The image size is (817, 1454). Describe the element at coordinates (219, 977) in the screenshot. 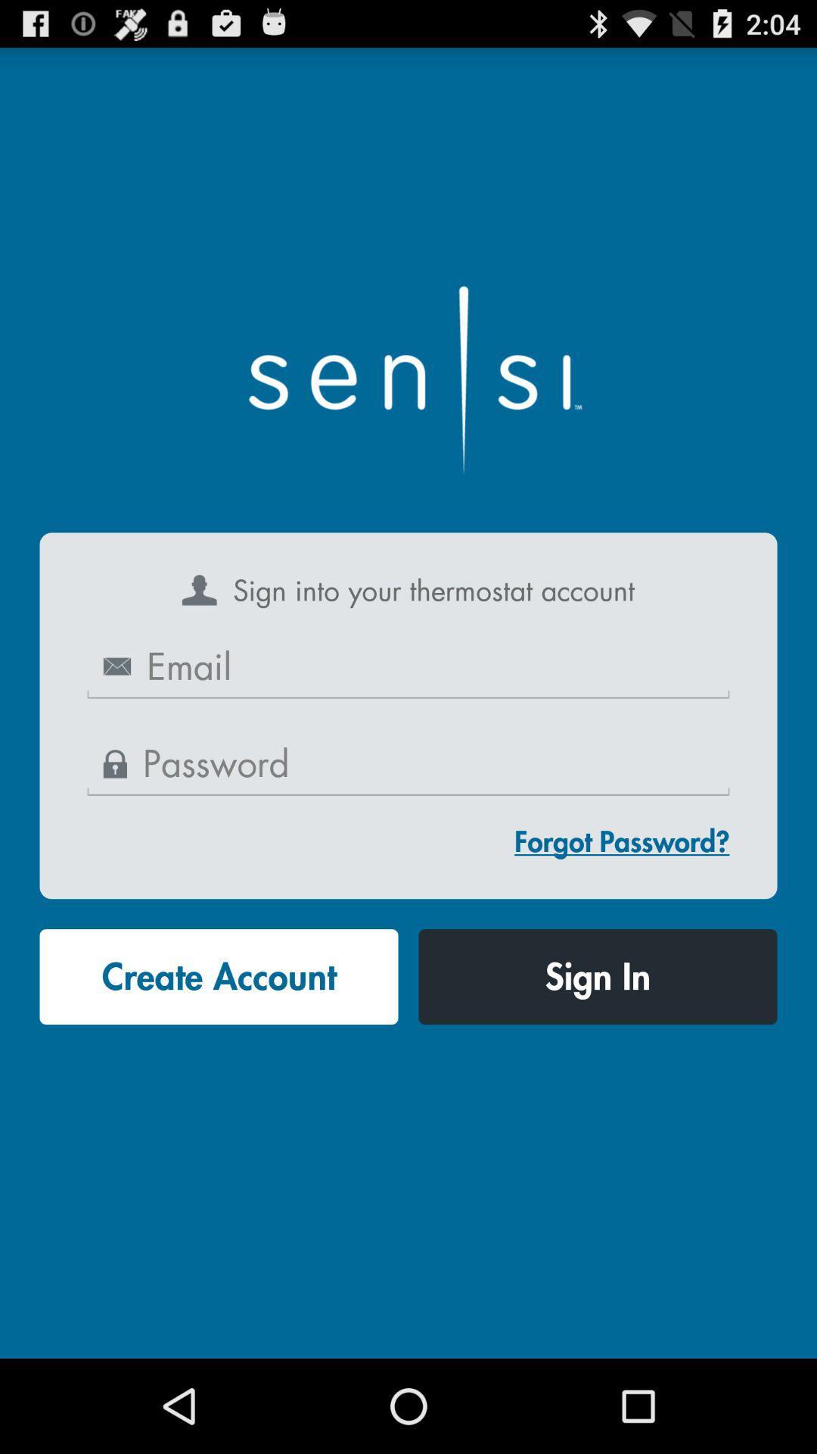

I see `the create account button` at that location.